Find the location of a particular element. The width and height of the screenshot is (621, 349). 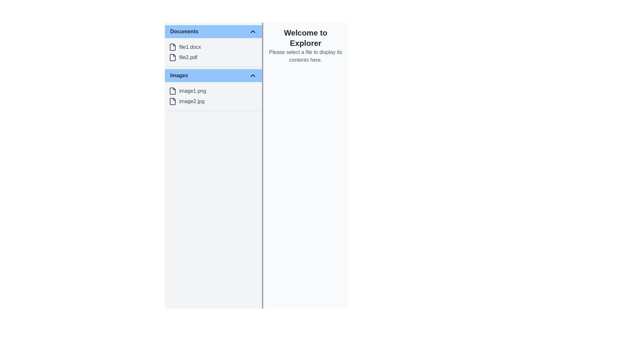

the file entry labeled 'file2.pdf' in the Documents section, which is positioned beneath 'file1.docx' and above the Images section is located at coordinates (213, 57).